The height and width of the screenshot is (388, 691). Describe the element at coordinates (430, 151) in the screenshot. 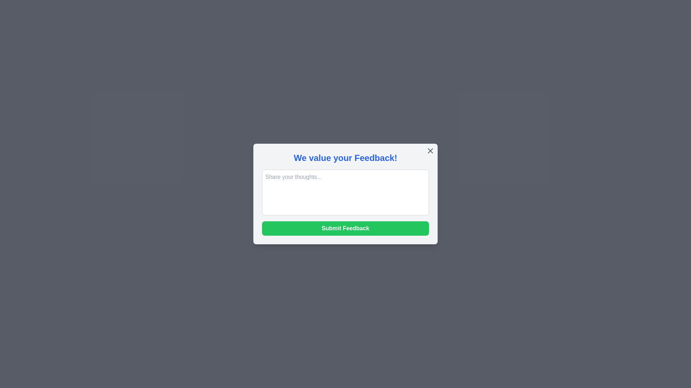

I see `'X' button in the top-right corner of the feedback panel to close it` at that location.